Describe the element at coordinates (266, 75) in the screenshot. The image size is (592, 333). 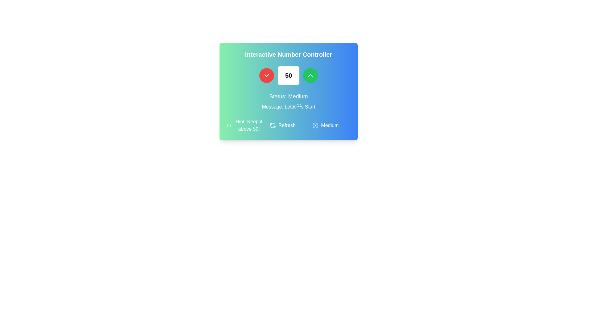
I see `the button on the left side of the group of elements to decrement the value displayed in the adjacent text field` at that location.